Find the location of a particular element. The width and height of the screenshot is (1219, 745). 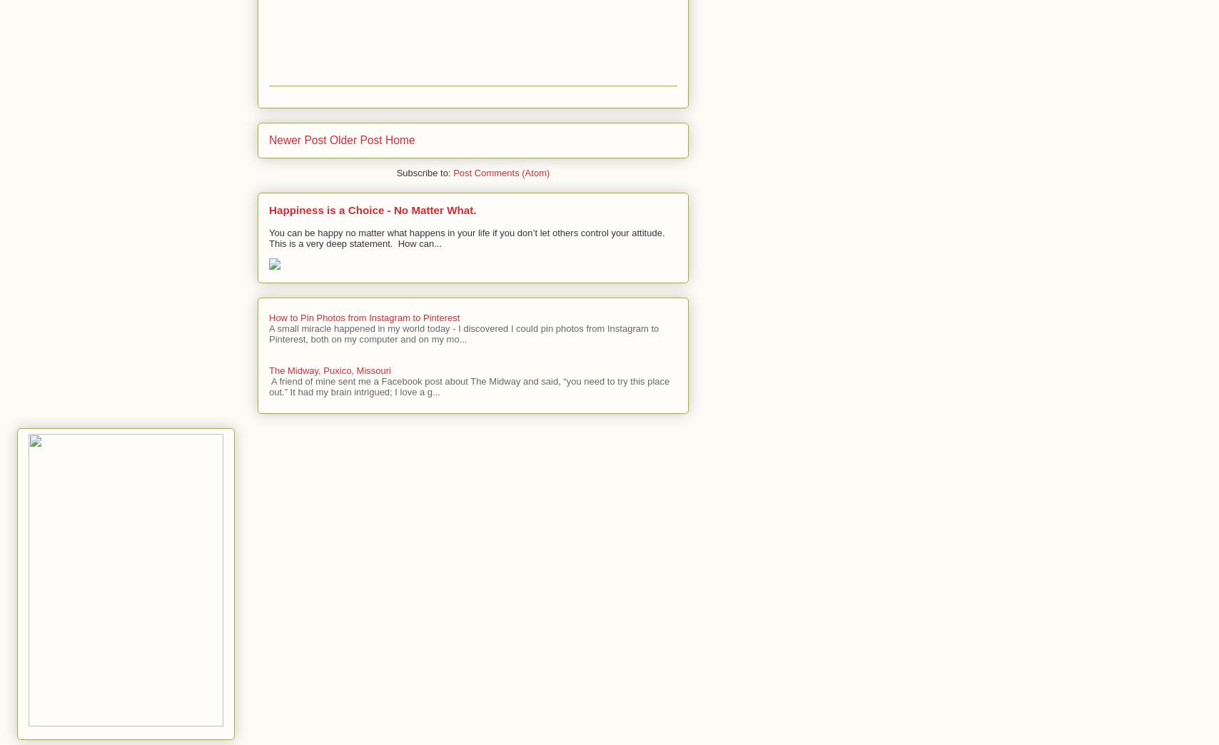

'Older Post' is located at coordinates (328, 139).